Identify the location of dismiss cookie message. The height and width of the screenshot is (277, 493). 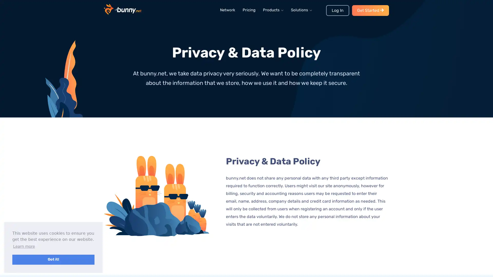
(53, 259).